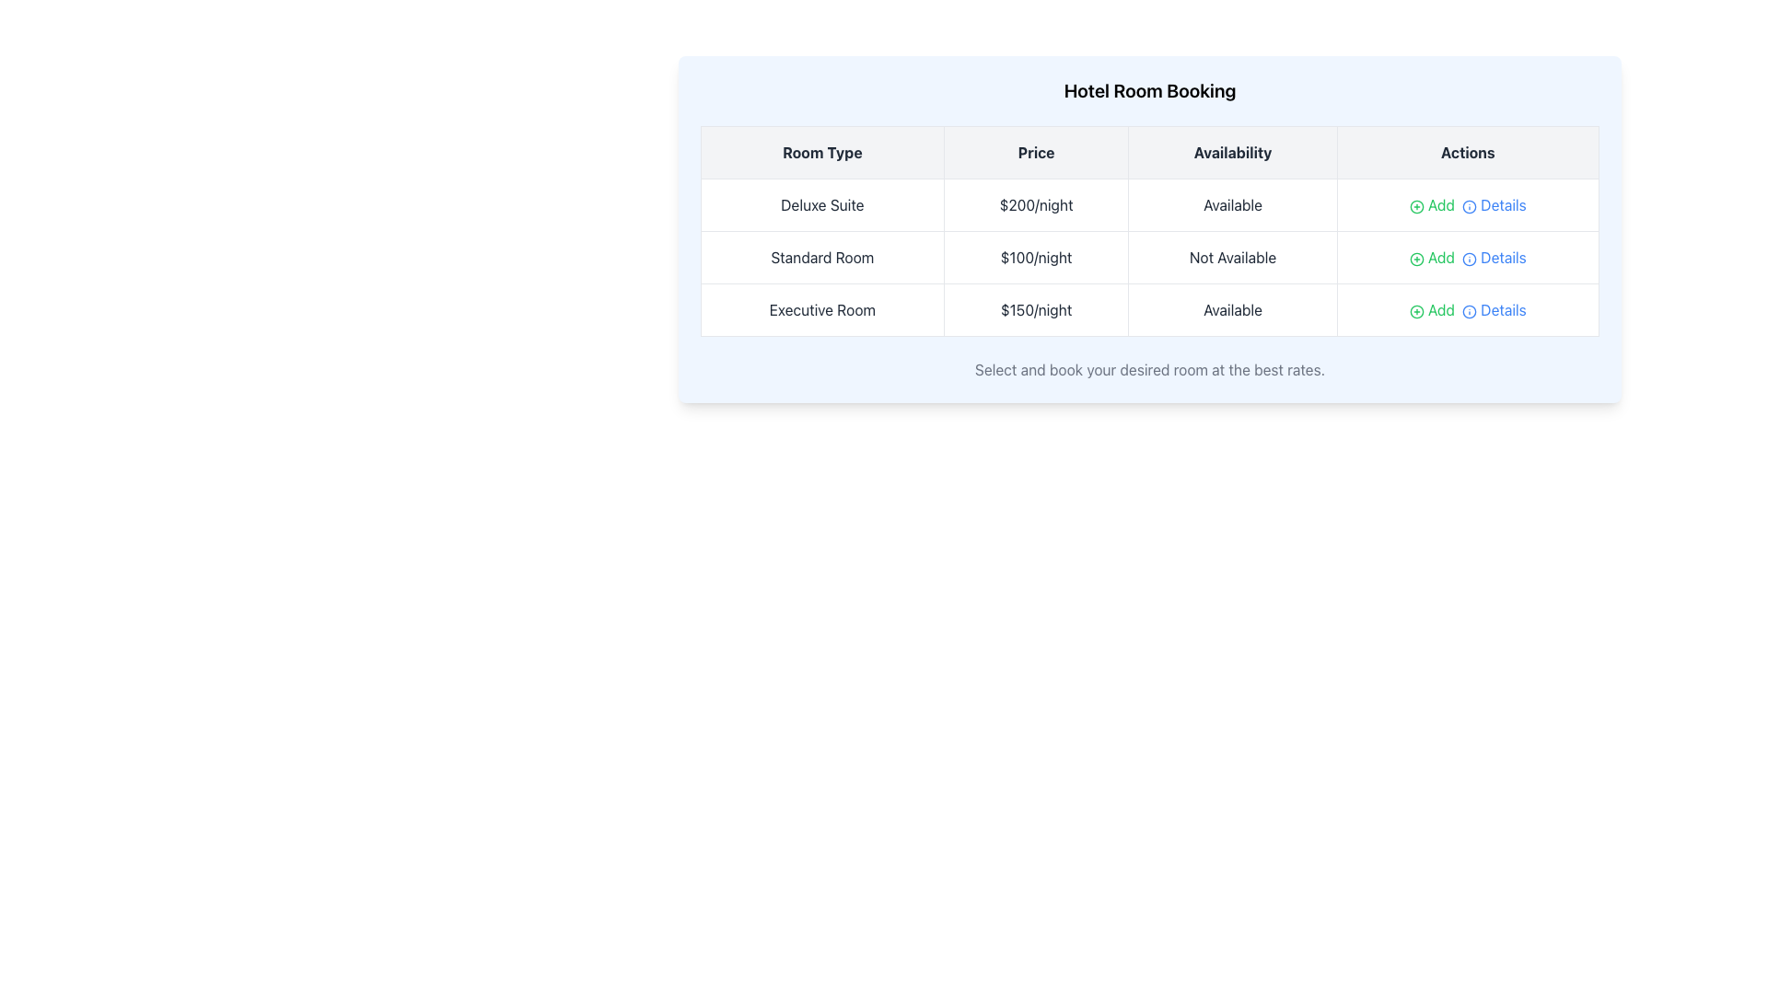 The height and width of the screenshot is (994, 1768). Describe the element at coordinates (1148, 369) in the screenshot. I see `instructional text located at the bottom of the booking section, directly beneath the table listing room types, prices, availability, and actions` at that location.